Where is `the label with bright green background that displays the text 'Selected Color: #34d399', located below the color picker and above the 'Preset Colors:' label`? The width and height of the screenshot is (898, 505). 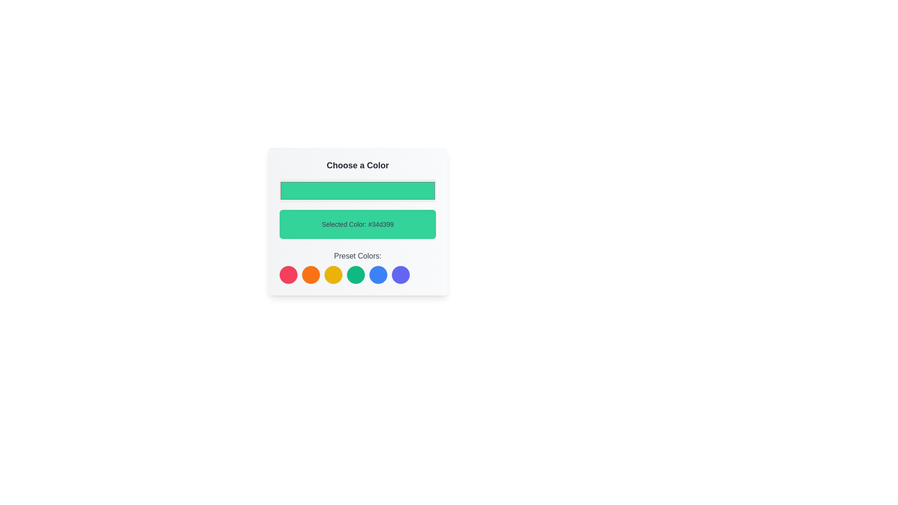 the label with bright green background that displays the text 'Selected Color: #34d399', located below the color picker and above the 'Preset Colors:' label is located at coordinates (357, 224).